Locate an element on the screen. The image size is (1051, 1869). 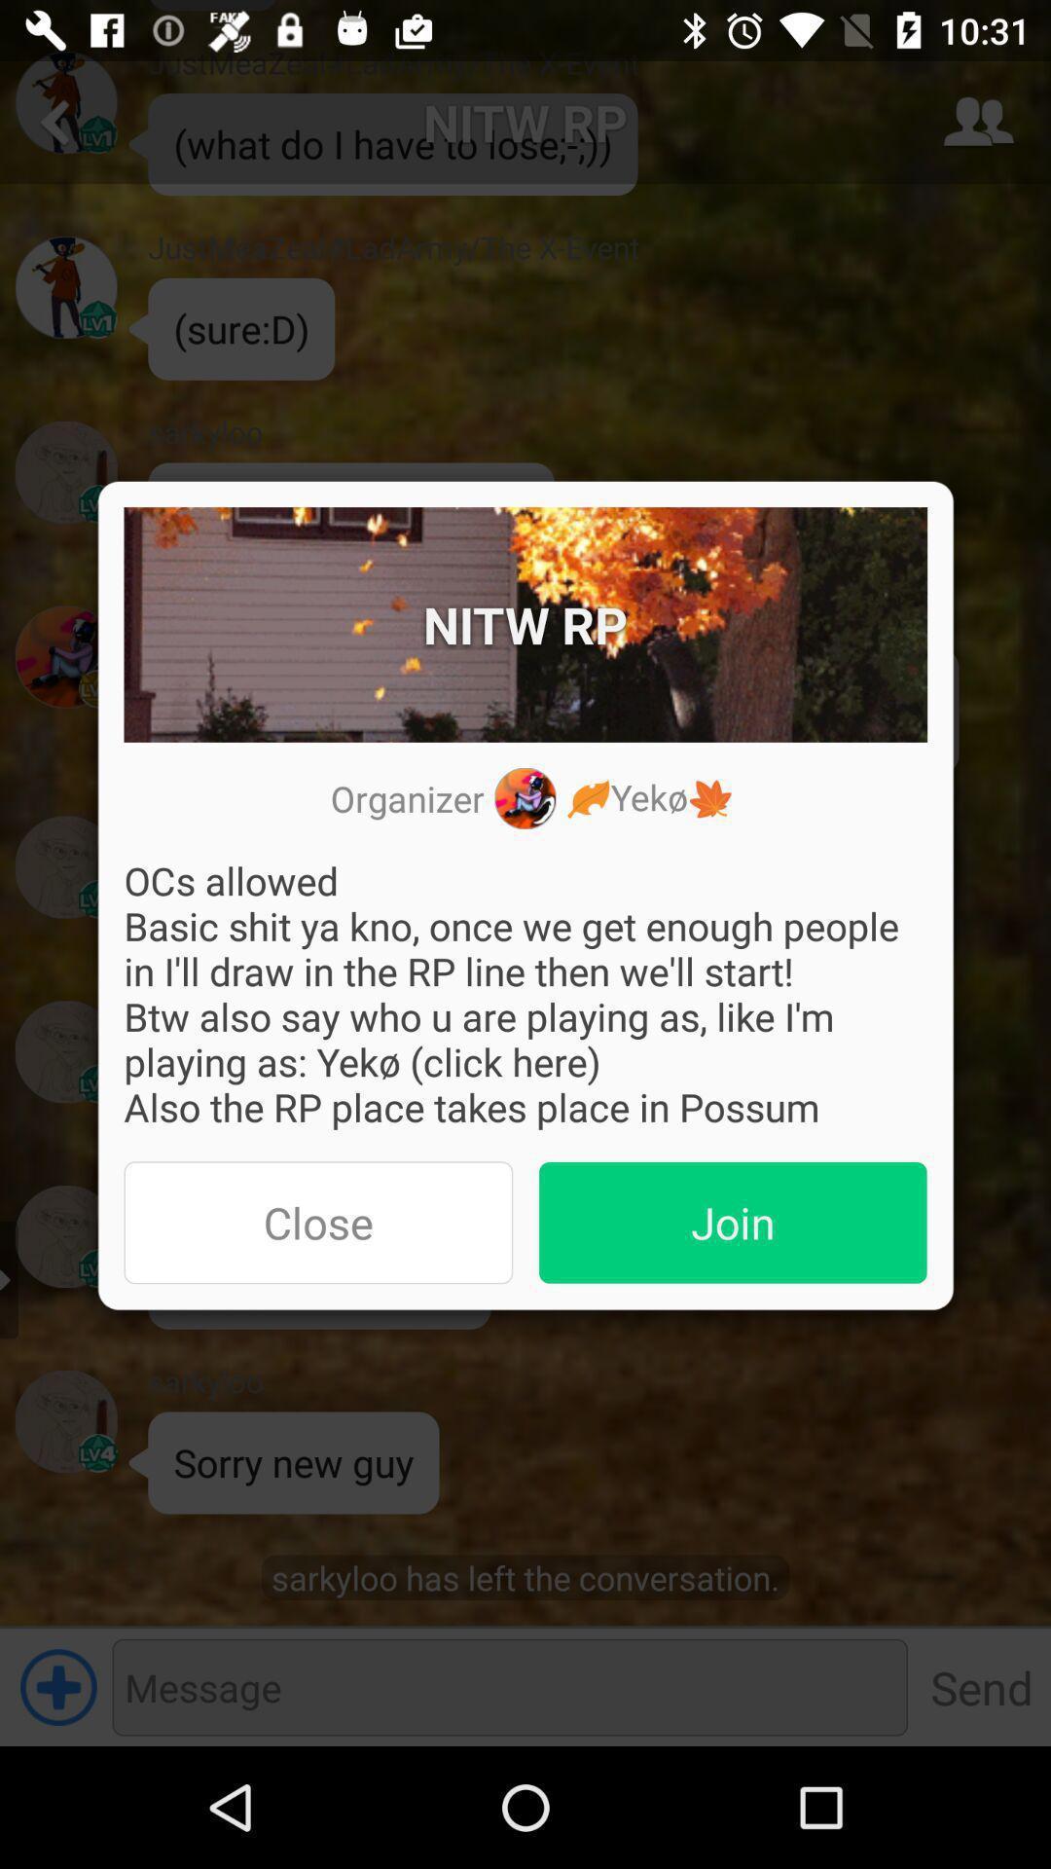
item next to close item is located at coordinates (733, 1222).